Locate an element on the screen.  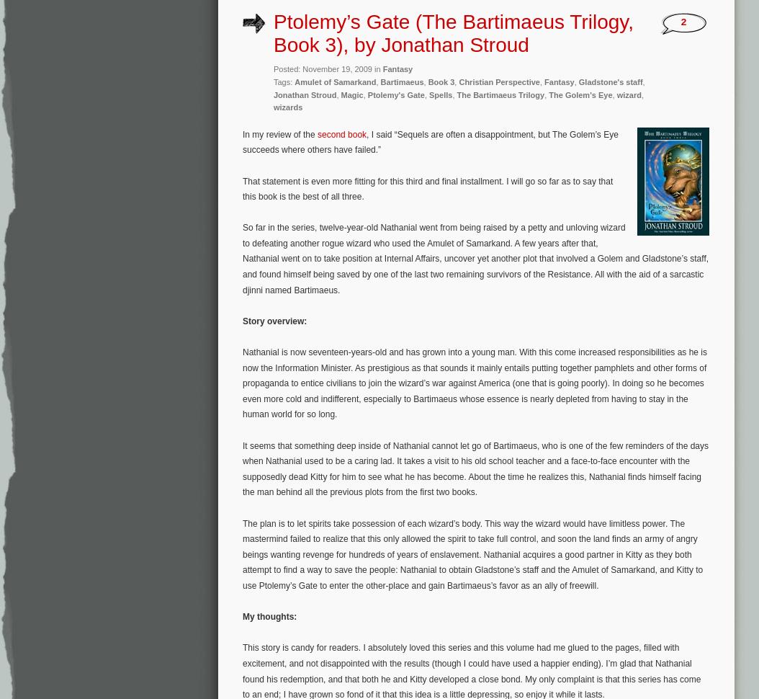
'Ptolemy's Gate' is located at coordinates (395, 94).